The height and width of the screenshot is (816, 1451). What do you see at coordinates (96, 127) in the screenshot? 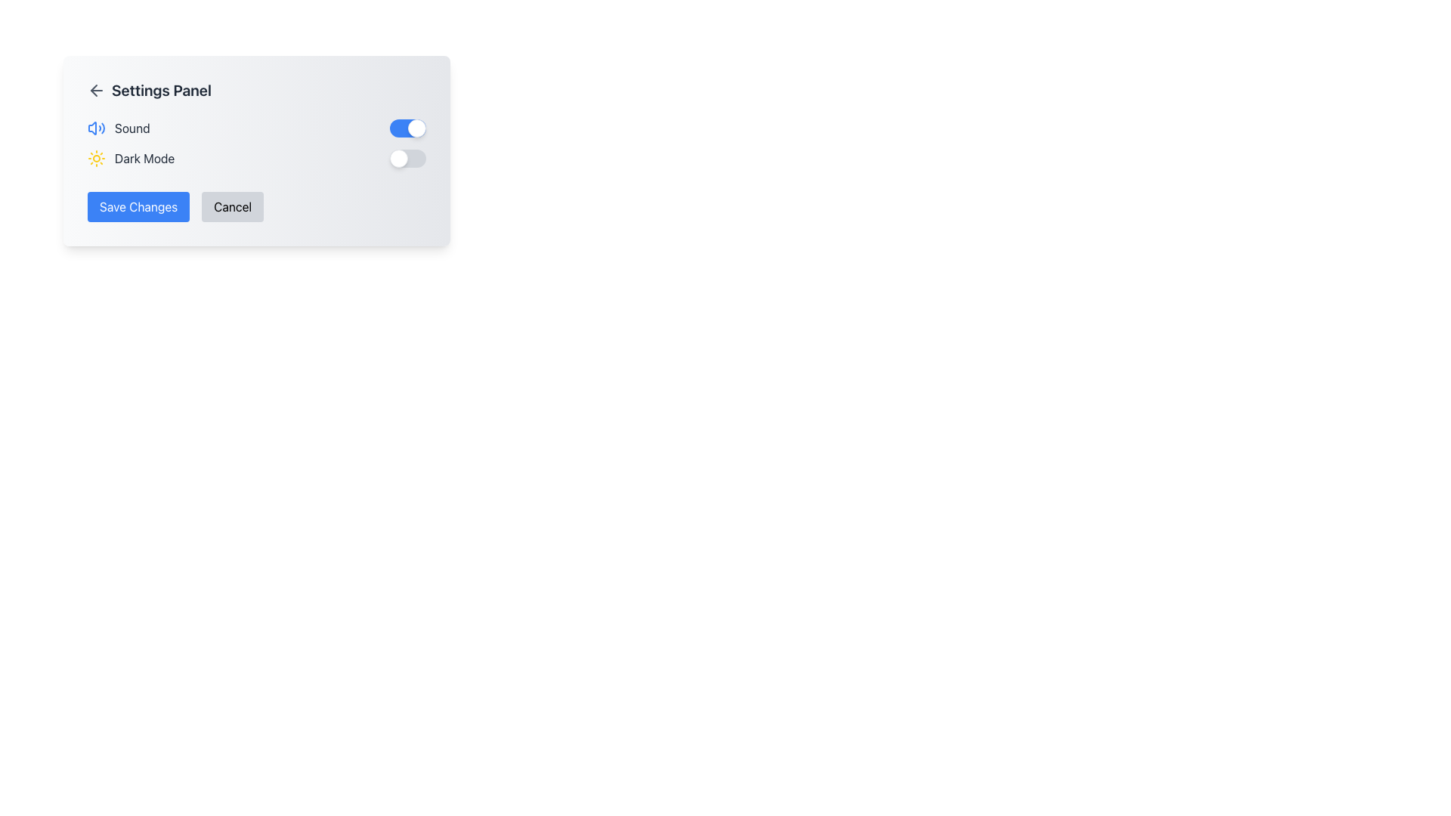
I see `the sound settings icon located in the top left corner of the settings panel, which visually indicates the sound-related settings category` at bounding box center [96, 127].